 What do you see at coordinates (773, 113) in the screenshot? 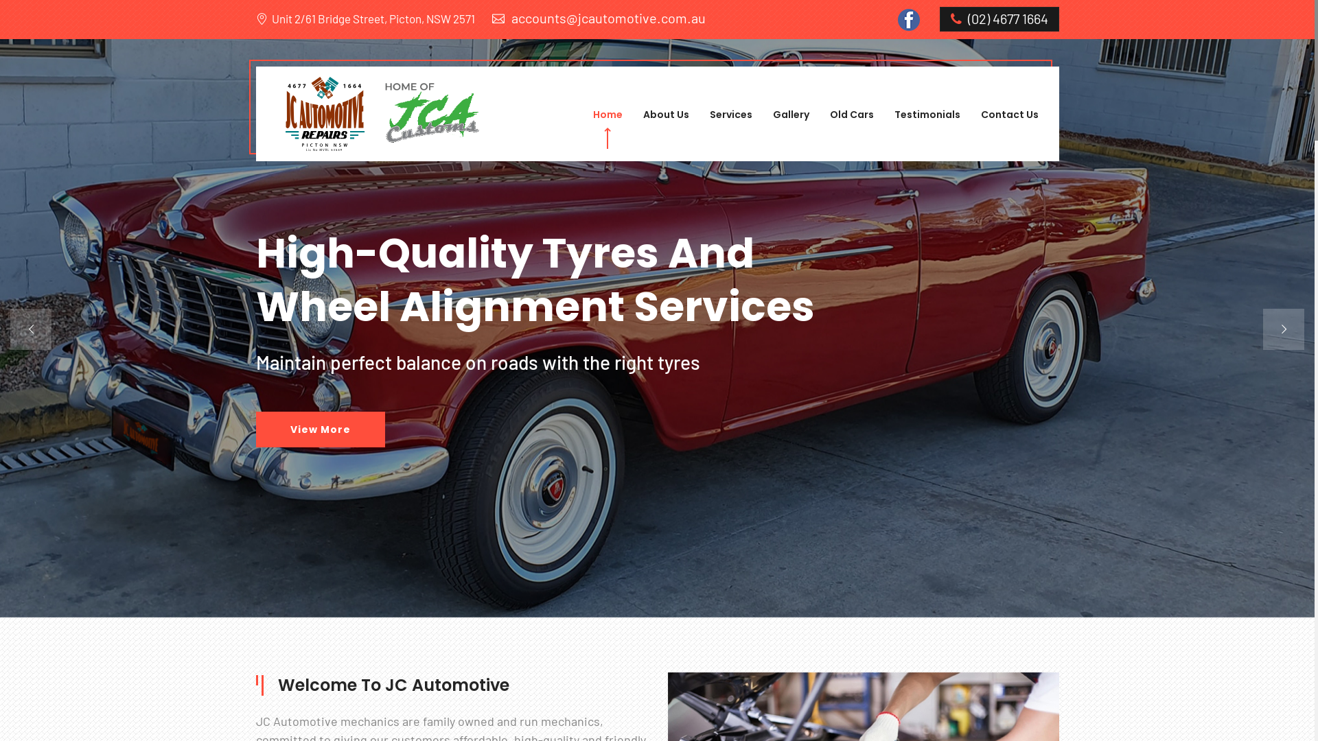
I see `'Gallery'` at bounding box center [773, 113].